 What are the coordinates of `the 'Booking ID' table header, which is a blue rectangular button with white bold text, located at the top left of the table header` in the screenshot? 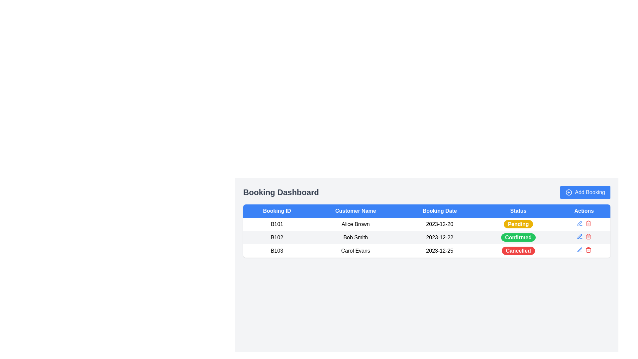 It's located at (277, 211).